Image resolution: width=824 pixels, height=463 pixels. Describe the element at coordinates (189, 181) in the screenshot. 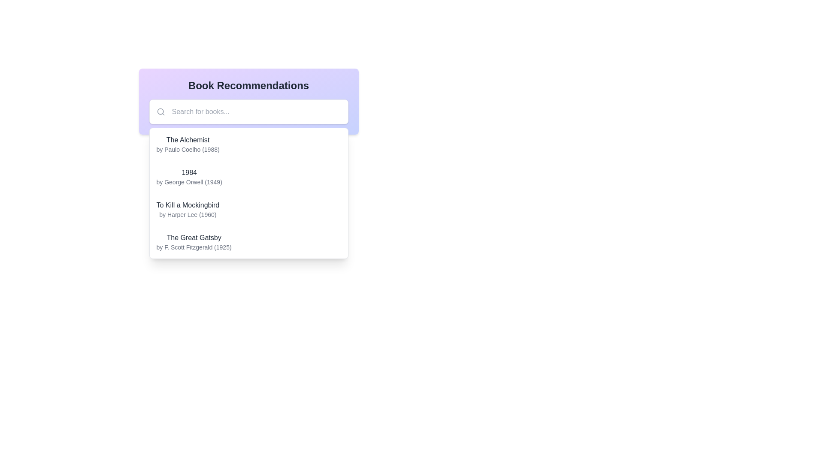

I see `the text label providing bibliographic information about the book '1984', which is positioned directly below the '1984' title` at that location.